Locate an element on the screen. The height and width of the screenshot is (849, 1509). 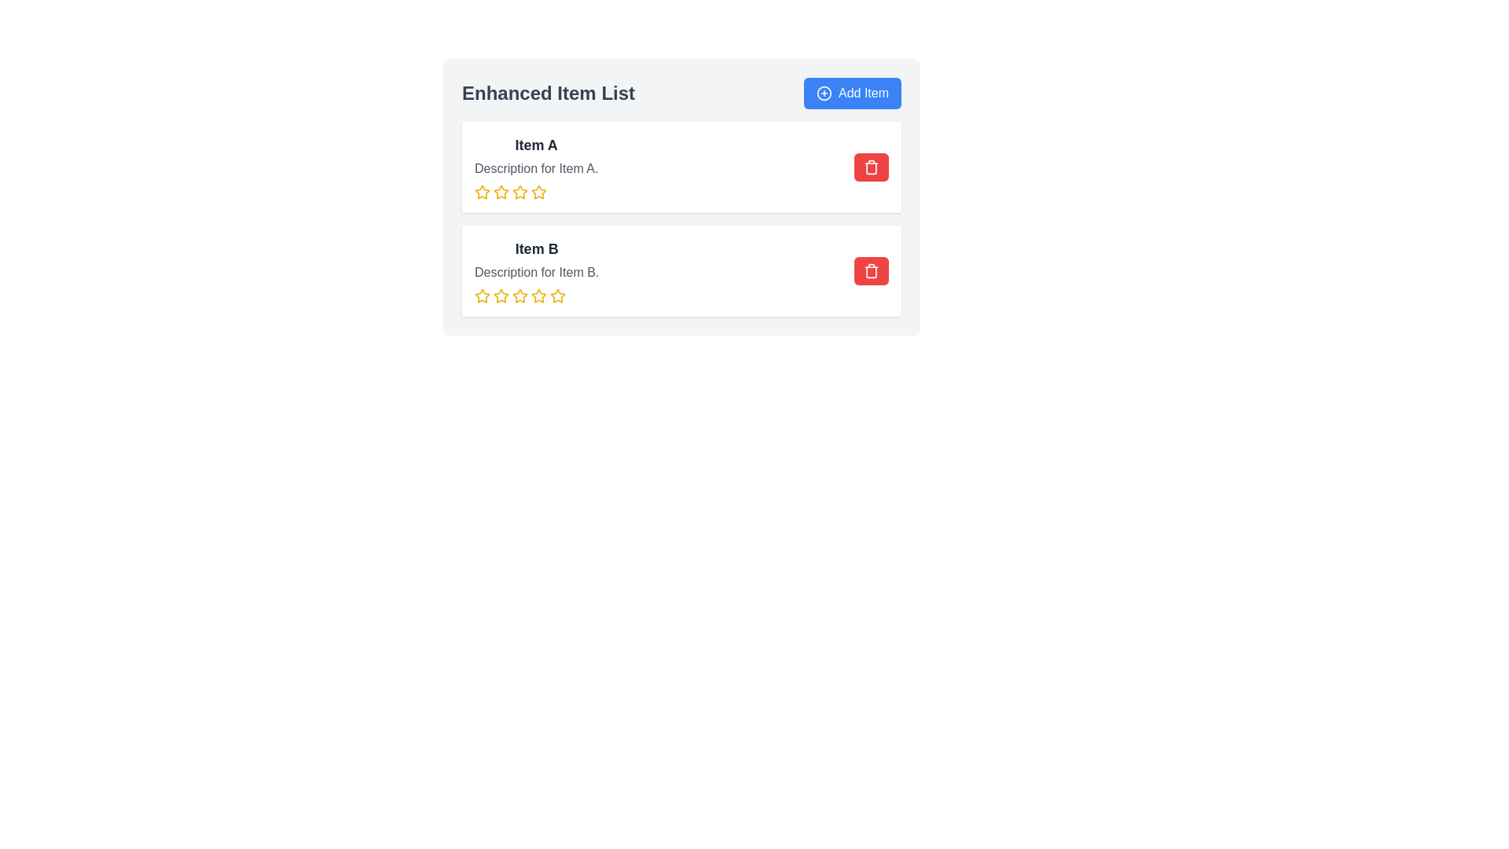
the trash icon located on the right side of the row for 'Item A' in the list of items, which serves as a visual indicator for the delete action is located at coordinates (870, 270).